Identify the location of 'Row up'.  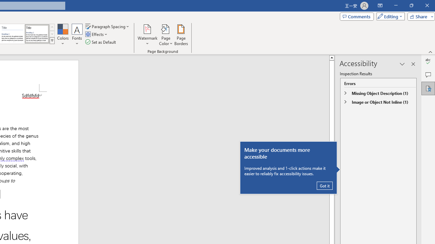
(52, 27).